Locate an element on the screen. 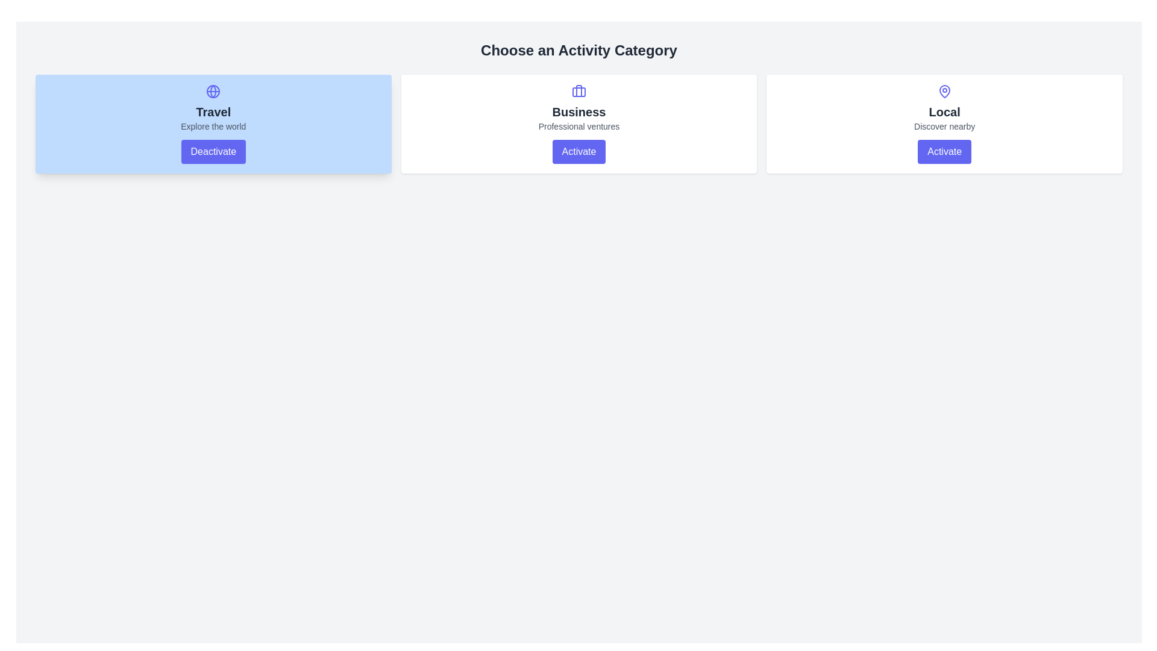 The height and width of the screenshot is (651, 1157). the pin-shaped icon with an indigo-colored outline located above the text 'Local' and 'Discover nearby', and directly above the 'Activate' button in the third card of a grid layout is located at coordinates (944, 90).